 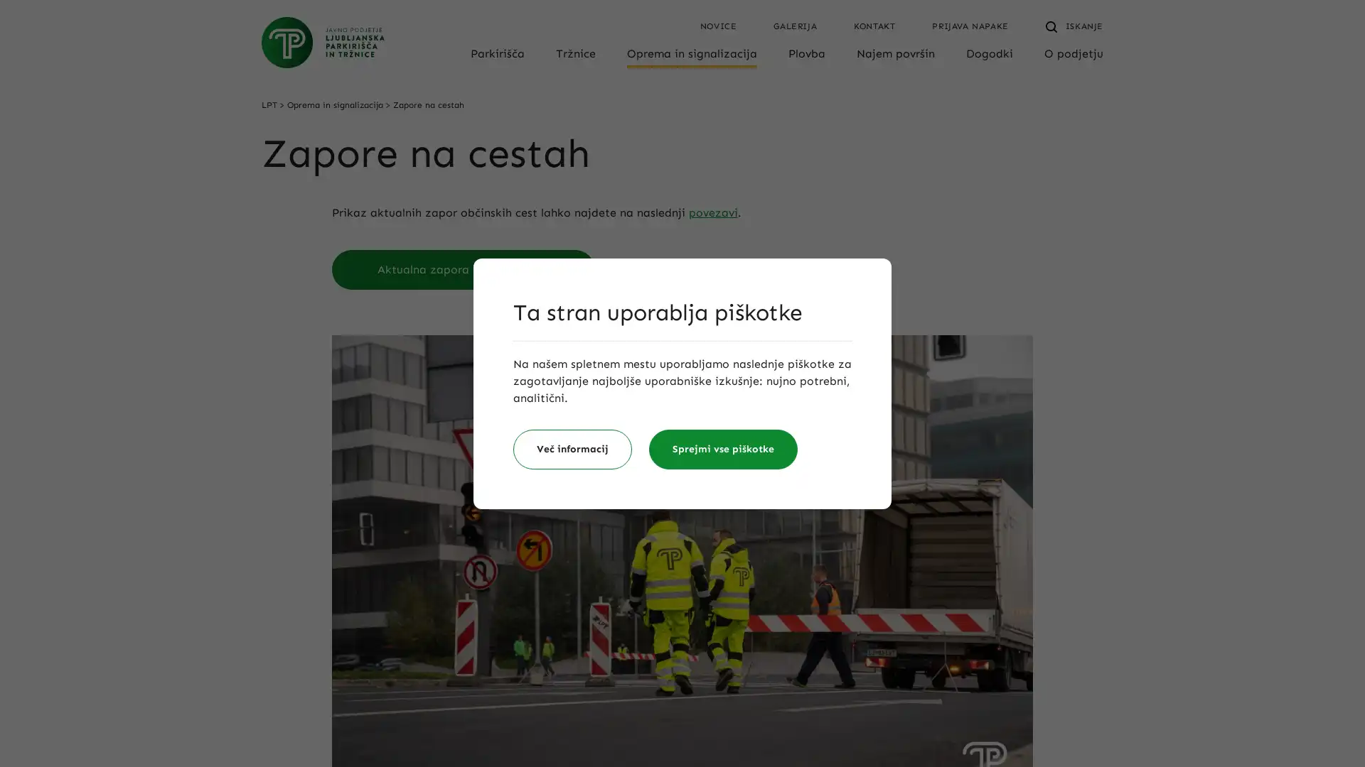 What do you see at coordinates (723, 449) in the screenshot?
I see `Sprejmi vse piskotke` at bounding box center [723, 449].